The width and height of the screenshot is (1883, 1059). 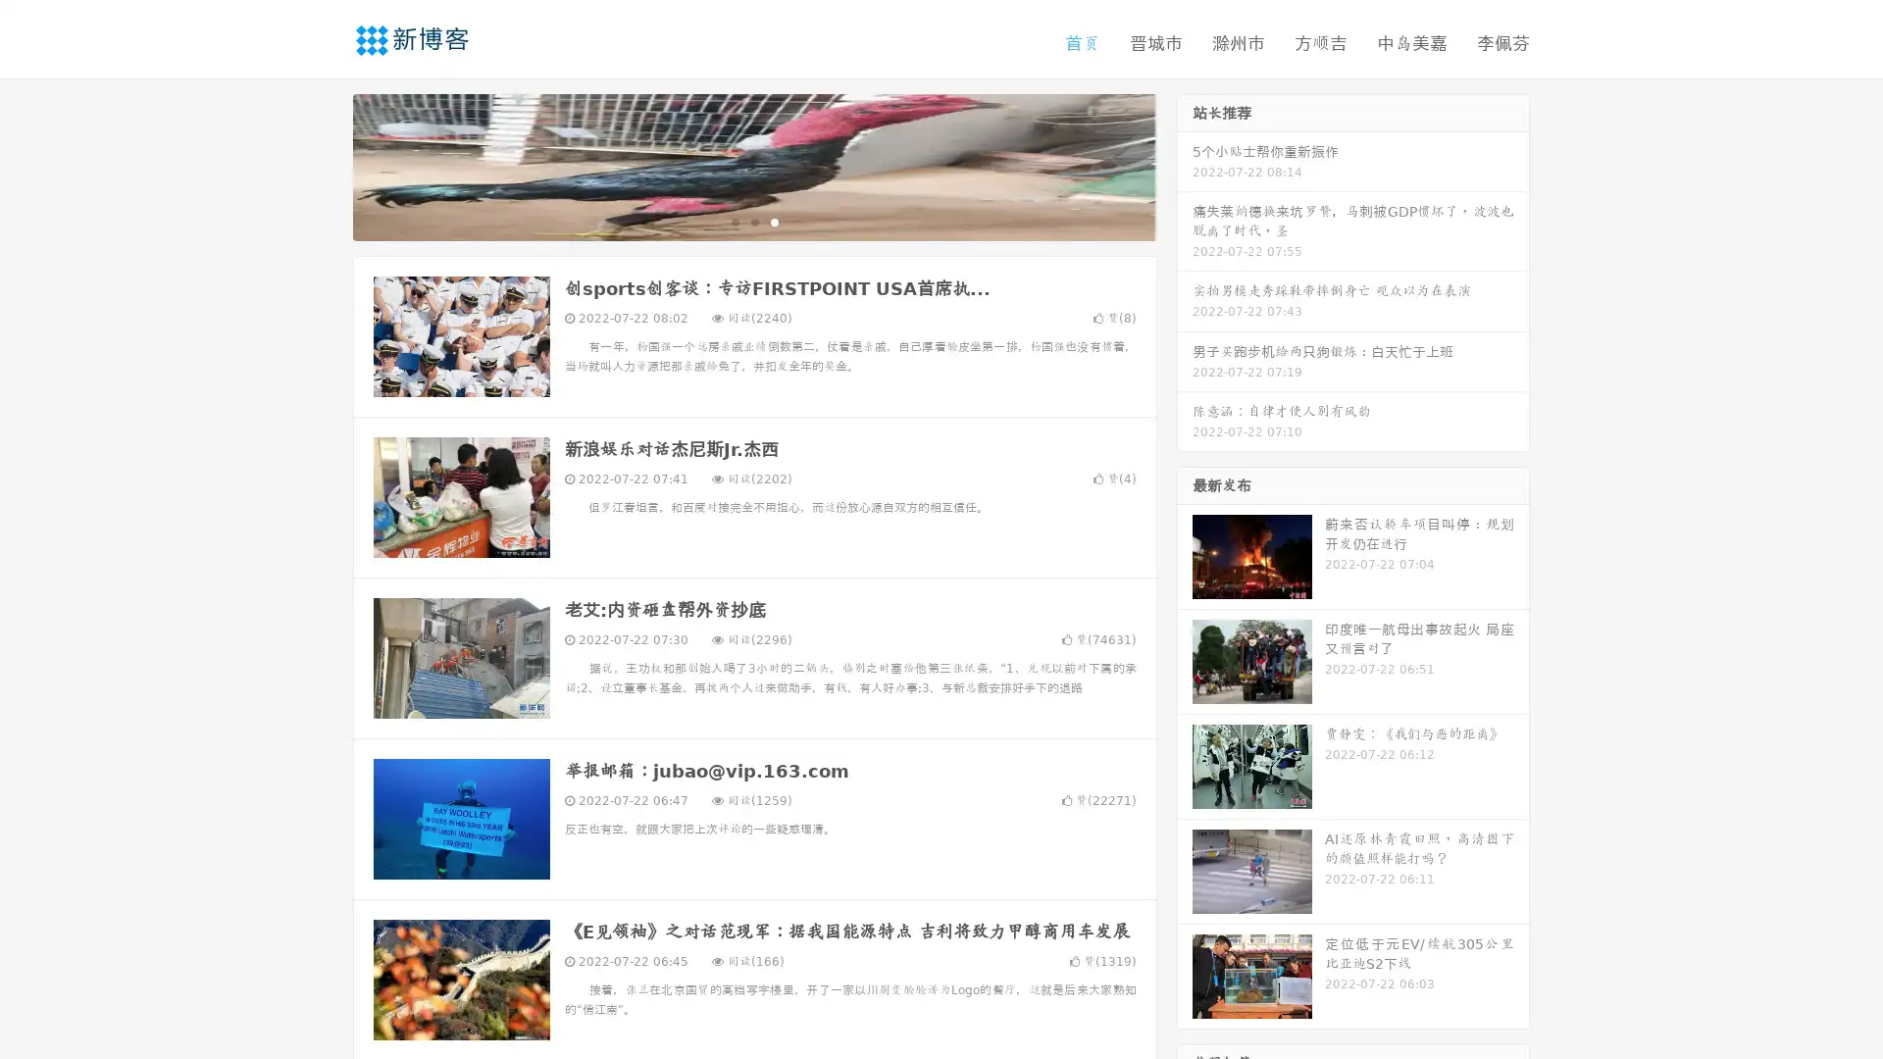 I want to click on Go to slide 3, so click(x=774, y=221).